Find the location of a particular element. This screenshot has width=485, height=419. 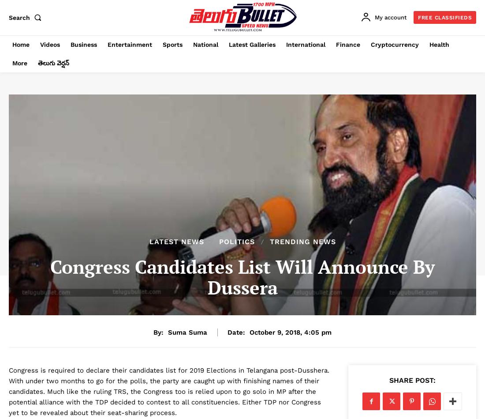

'National' is located at coordinates (205, 44).